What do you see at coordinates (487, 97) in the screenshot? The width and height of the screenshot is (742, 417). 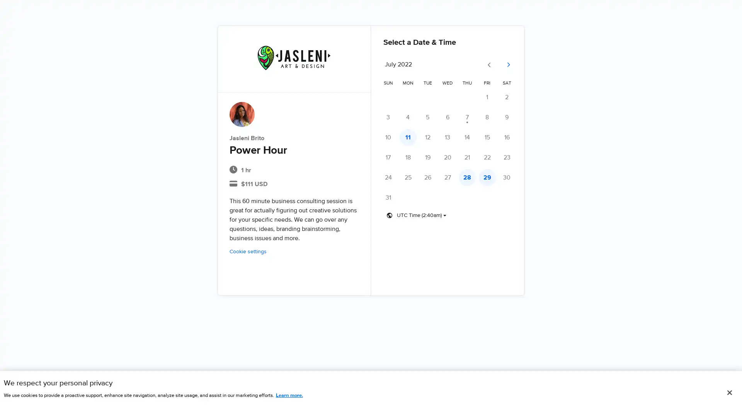 I see `Friday, July 1 - No times available` at bounding box center [487, 97].